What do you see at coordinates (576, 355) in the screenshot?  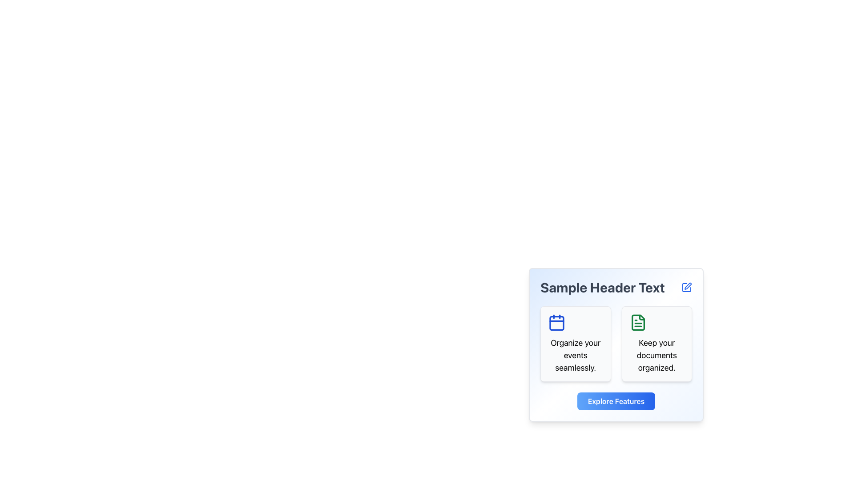 I see `the static text element that reads 'Organize your events seamlessly.' which is styled in a large font and positioned below a calendar icon` at bounding box center [576, 355].